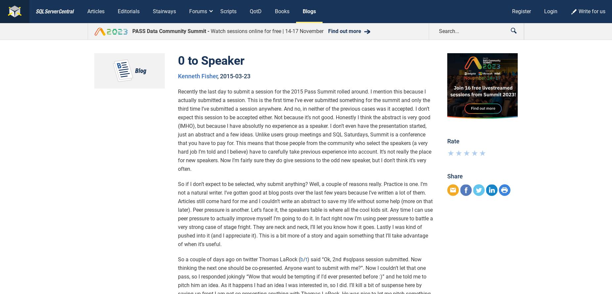  Describe the element at coordinates (271, 272) in the screenshot. I see `'Blogs'` at that location.